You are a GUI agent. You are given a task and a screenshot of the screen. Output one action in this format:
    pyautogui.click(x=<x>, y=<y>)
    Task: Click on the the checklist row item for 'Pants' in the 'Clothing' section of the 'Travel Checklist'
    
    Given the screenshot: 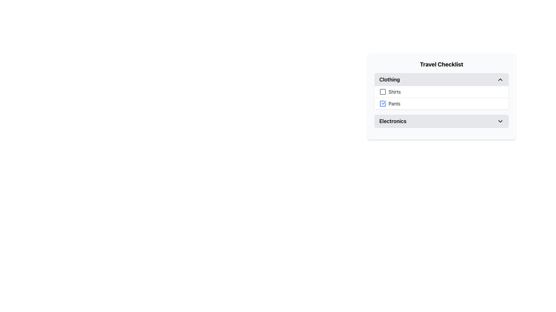 What is the action you would take?
    pyautogui.click(x=441, y=103)
    